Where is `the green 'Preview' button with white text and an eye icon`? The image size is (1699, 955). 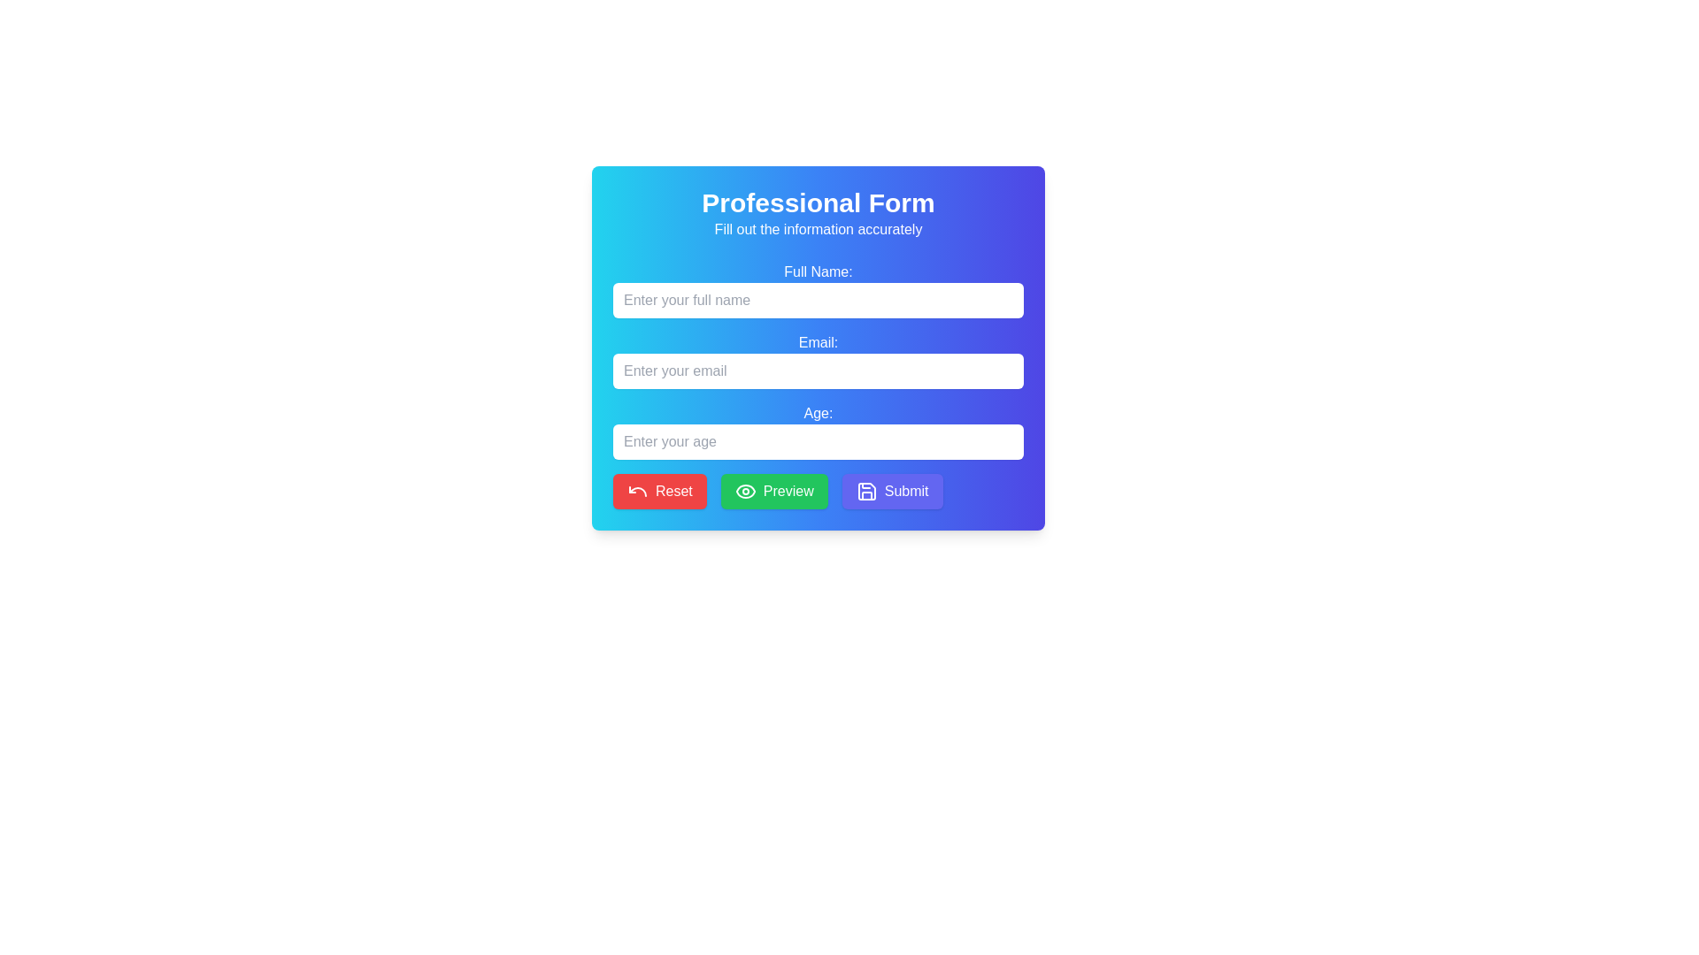 the green 'Preview' button with white text and an eye icon is located at coordinates (774, 491).